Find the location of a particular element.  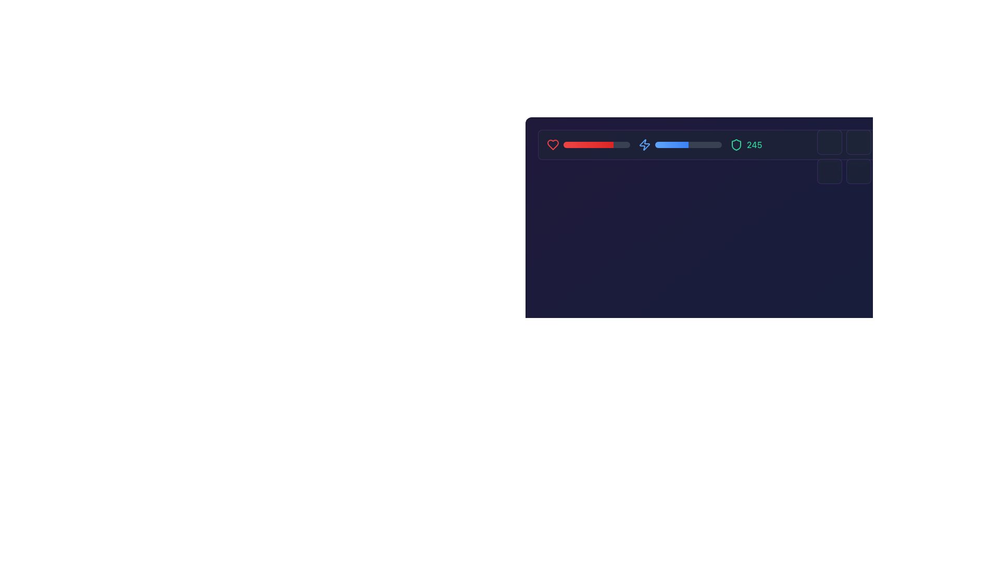

the health status icon located at the top-left of the interface, which precedes other indicators like energy and shield values is located at coordinates (552, 144).